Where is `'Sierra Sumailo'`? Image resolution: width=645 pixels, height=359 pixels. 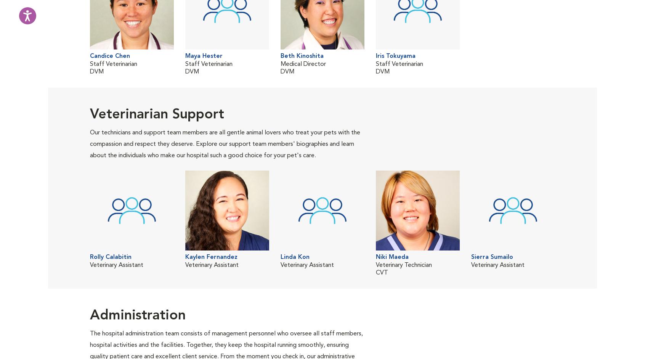
'Sierra Sumailo' is located at coordinates (491, 257).